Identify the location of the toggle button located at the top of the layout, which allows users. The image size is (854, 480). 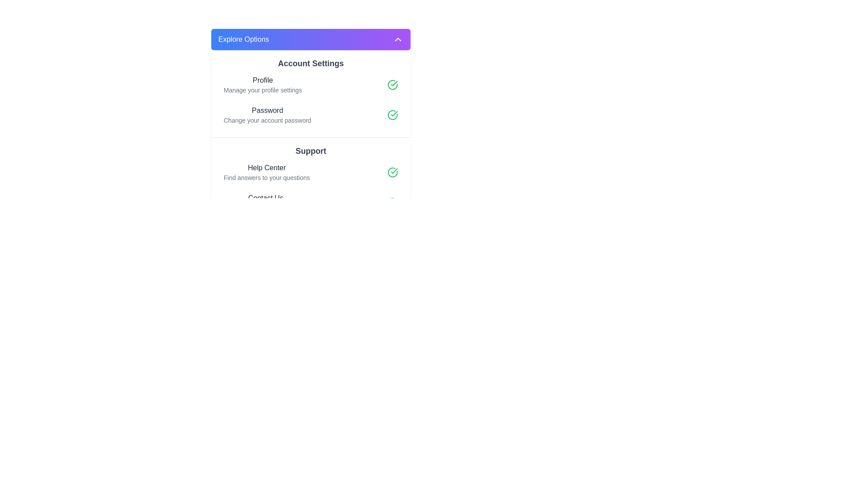
(311, 39).